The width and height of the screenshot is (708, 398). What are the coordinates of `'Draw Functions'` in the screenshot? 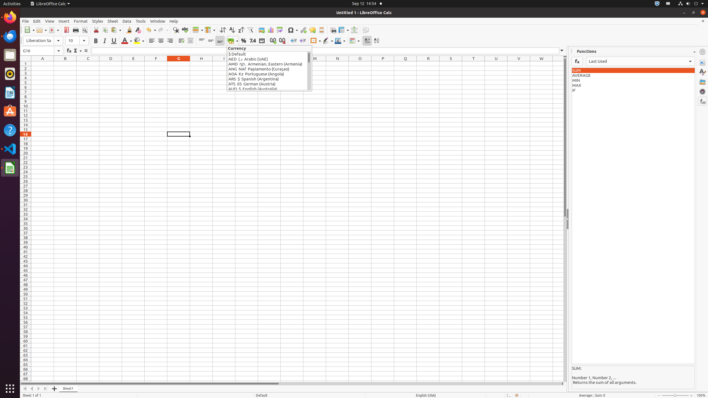 It's located at (365, 30).